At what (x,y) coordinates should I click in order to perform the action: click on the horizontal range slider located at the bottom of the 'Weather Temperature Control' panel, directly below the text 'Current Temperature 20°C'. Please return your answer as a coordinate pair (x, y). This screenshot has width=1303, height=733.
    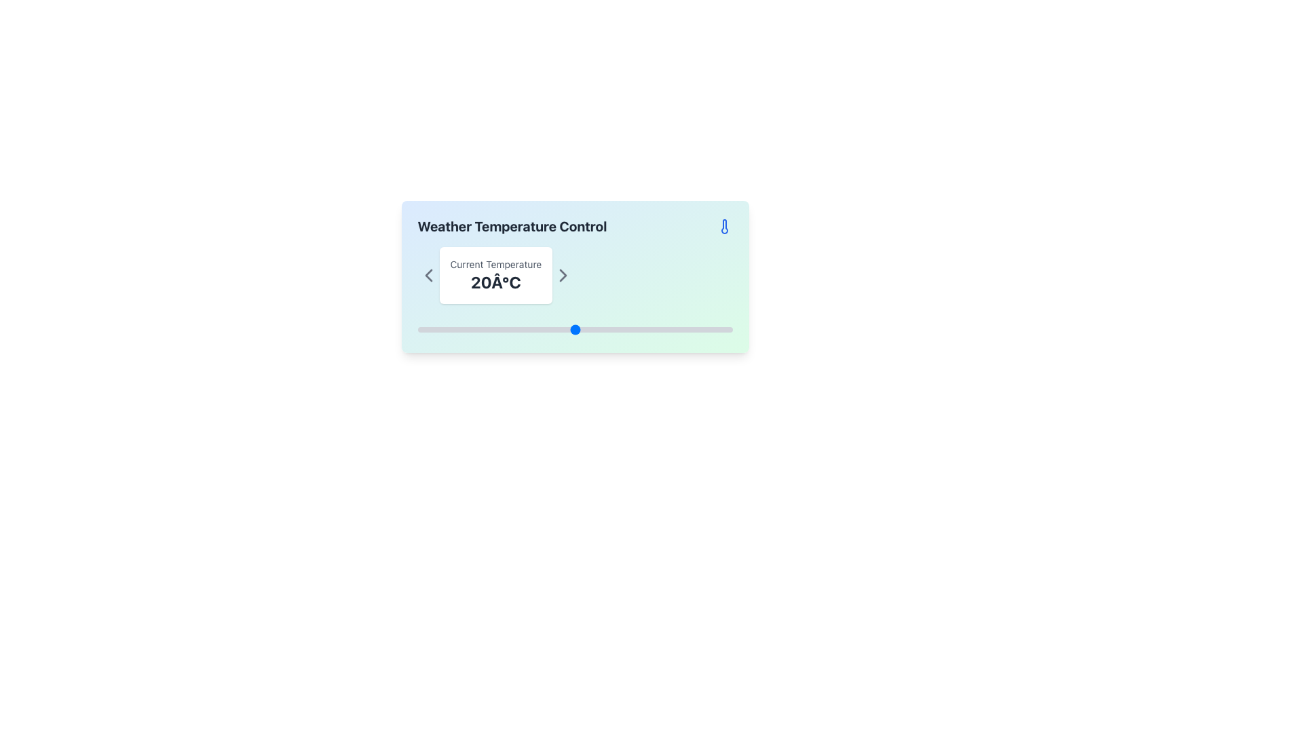
    Looking at the image, I should click on (575, 328).